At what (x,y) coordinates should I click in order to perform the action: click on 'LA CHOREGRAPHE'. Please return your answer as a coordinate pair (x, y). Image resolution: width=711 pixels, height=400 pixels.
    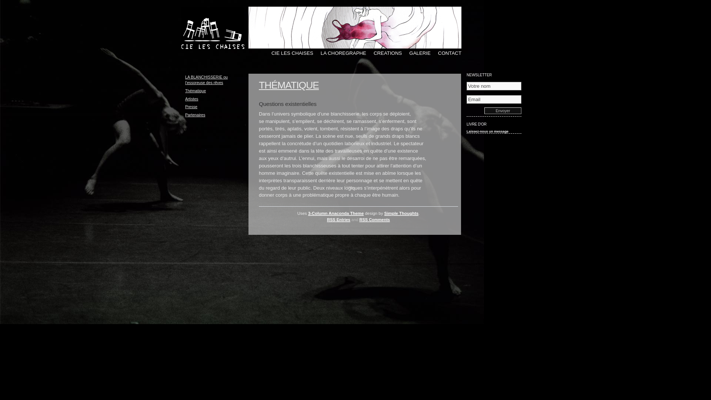
    Looking at the image, I should click on (339, 53).